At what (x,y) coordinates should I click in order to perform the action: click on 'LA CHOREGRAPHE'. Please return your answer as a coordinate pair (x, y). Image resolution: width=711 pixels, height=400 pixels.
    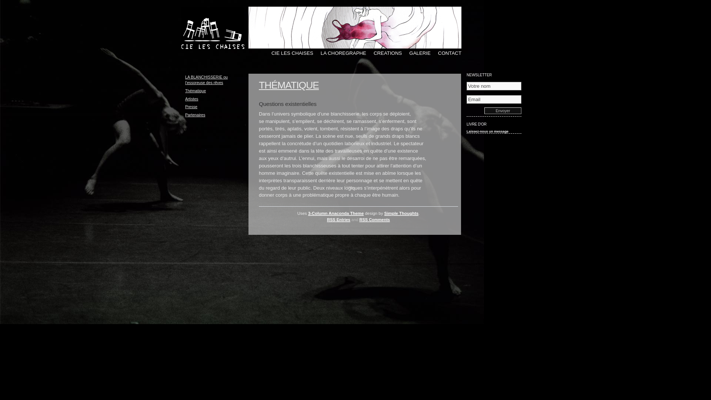
    Looking at the image, I should click on (339, 53).